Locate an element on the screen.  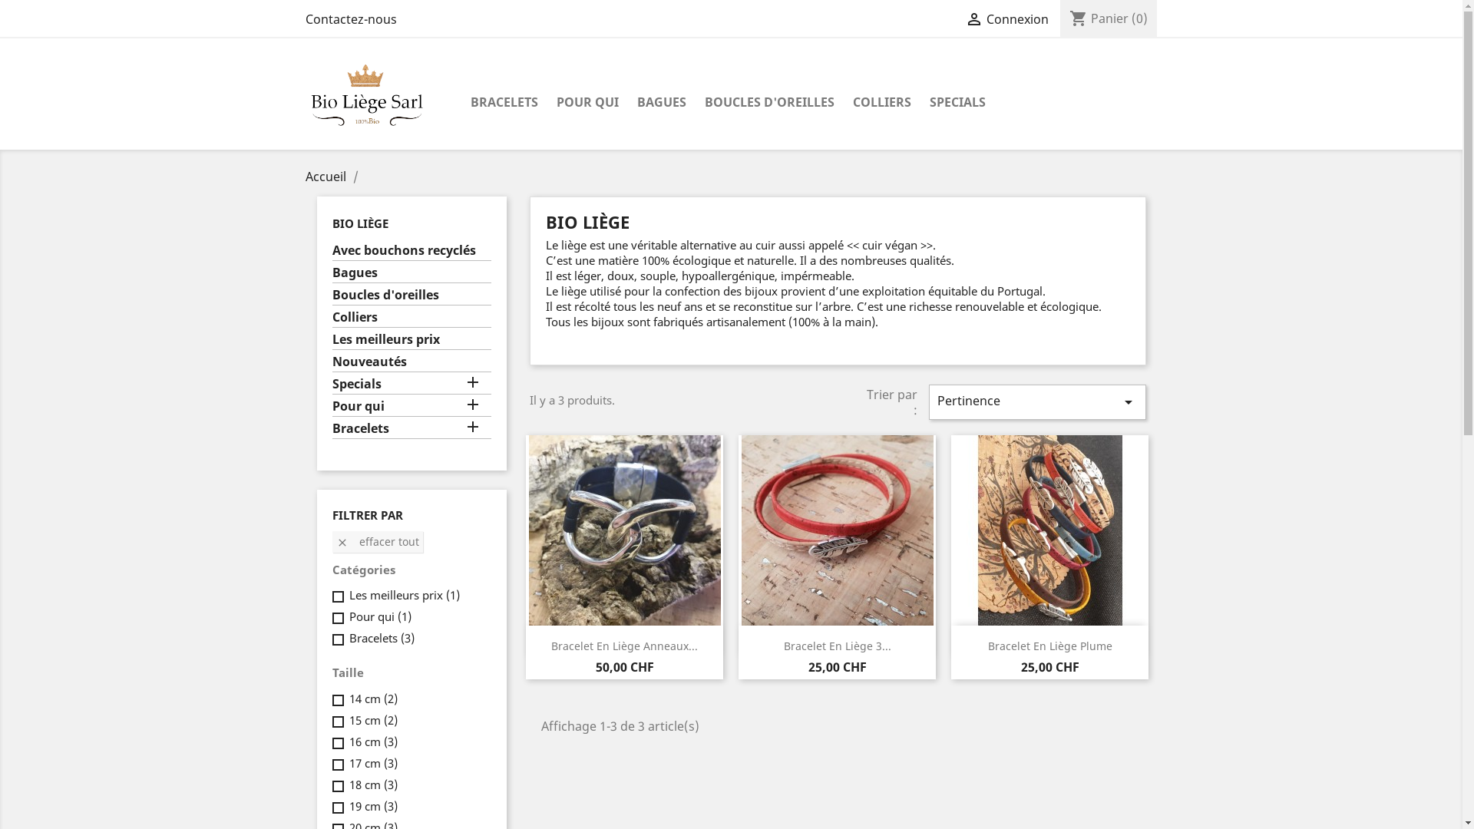
'BOUCLES D'OREILLES' is located at coordinates (769, 103).